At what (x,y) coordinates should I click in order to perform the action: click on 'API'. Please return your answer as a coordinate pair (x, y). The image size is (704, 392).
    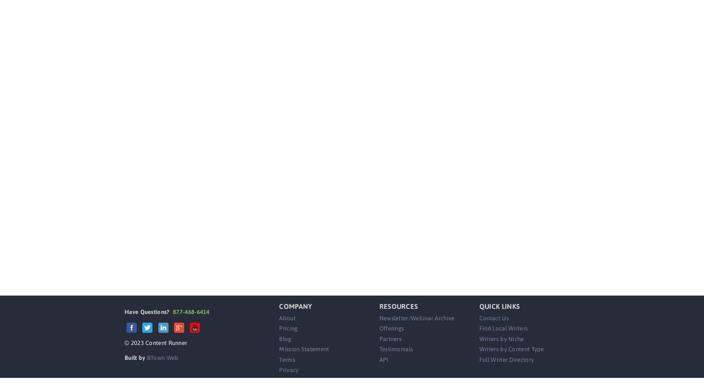
    Looking at the image, I should click on (383, 359).